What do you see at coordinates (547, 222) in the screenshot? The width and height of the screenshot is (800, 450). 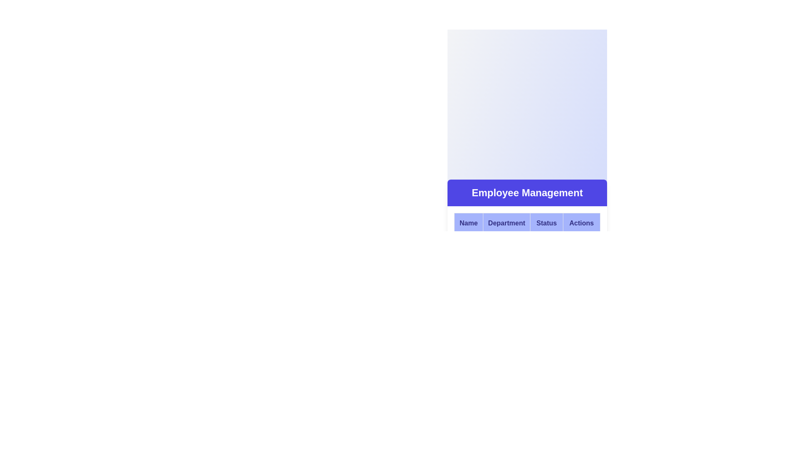 I see `the 'Status' header cell in the Employee Management table, which is the third header in a row of four components` at bounding box center [547, 222].